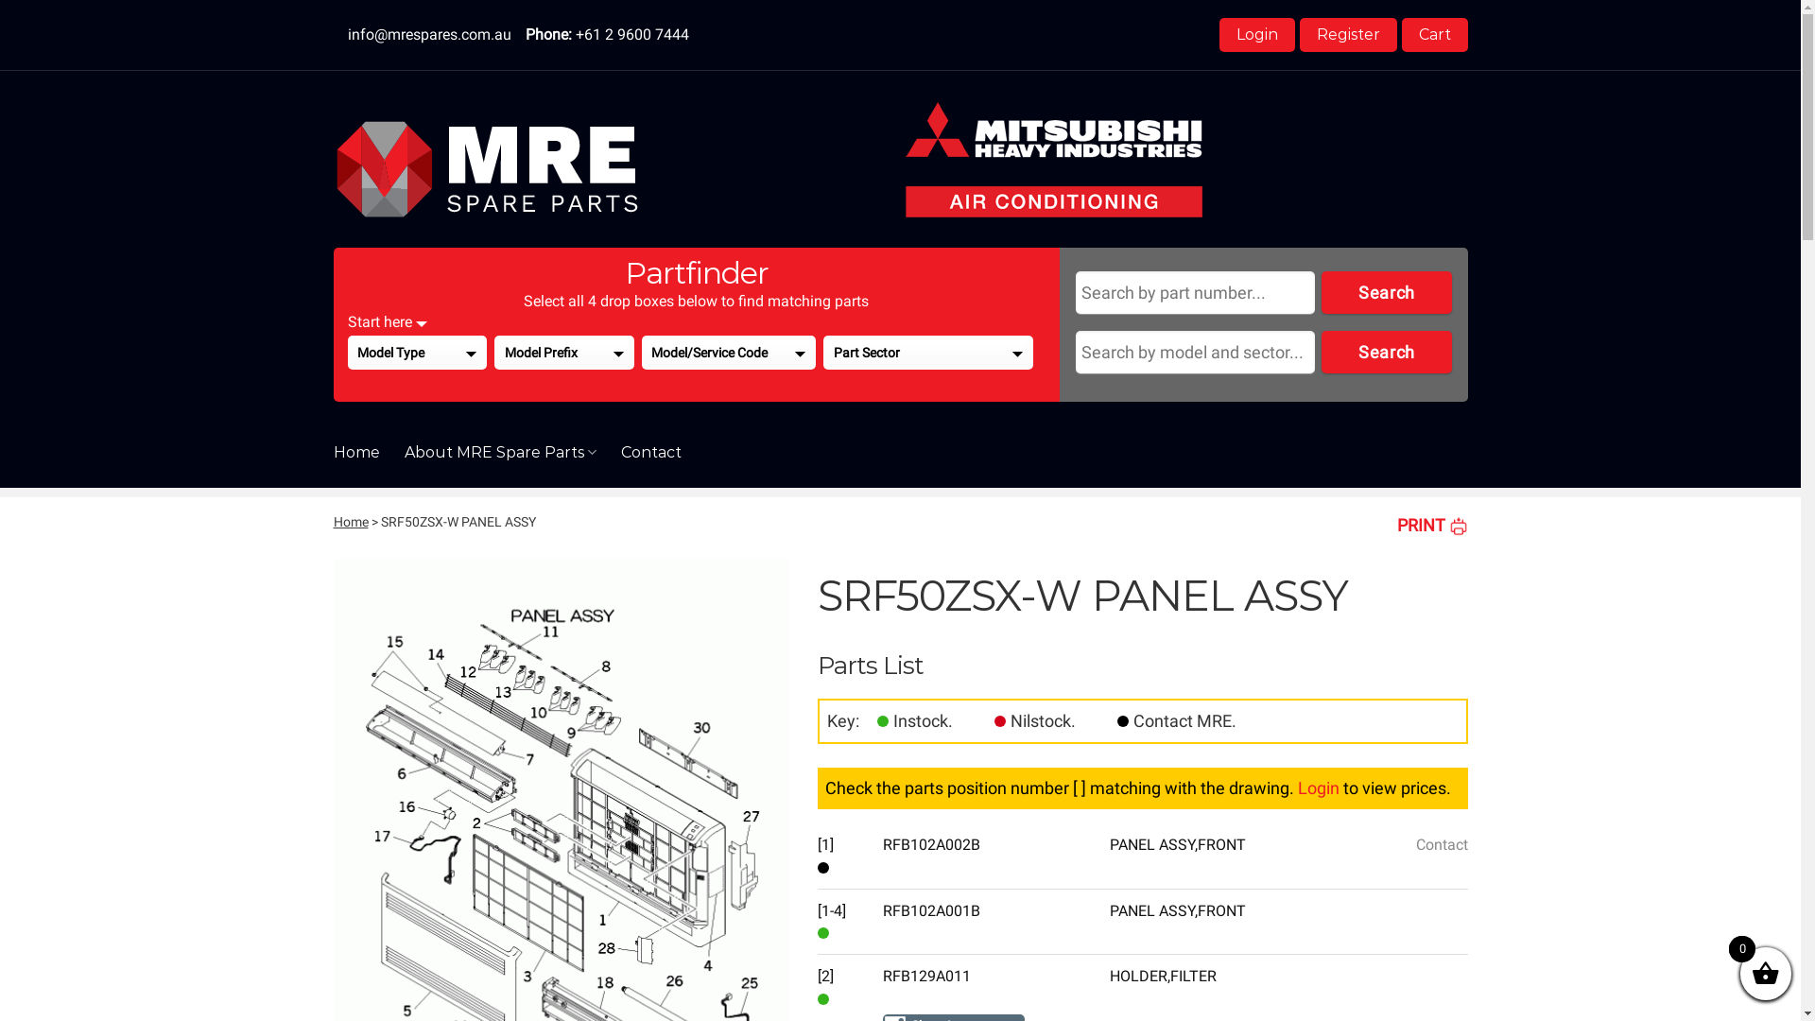  Describe the element at coordinates (1116, 721) in the screenshot. I see `'Contact'` at that location.